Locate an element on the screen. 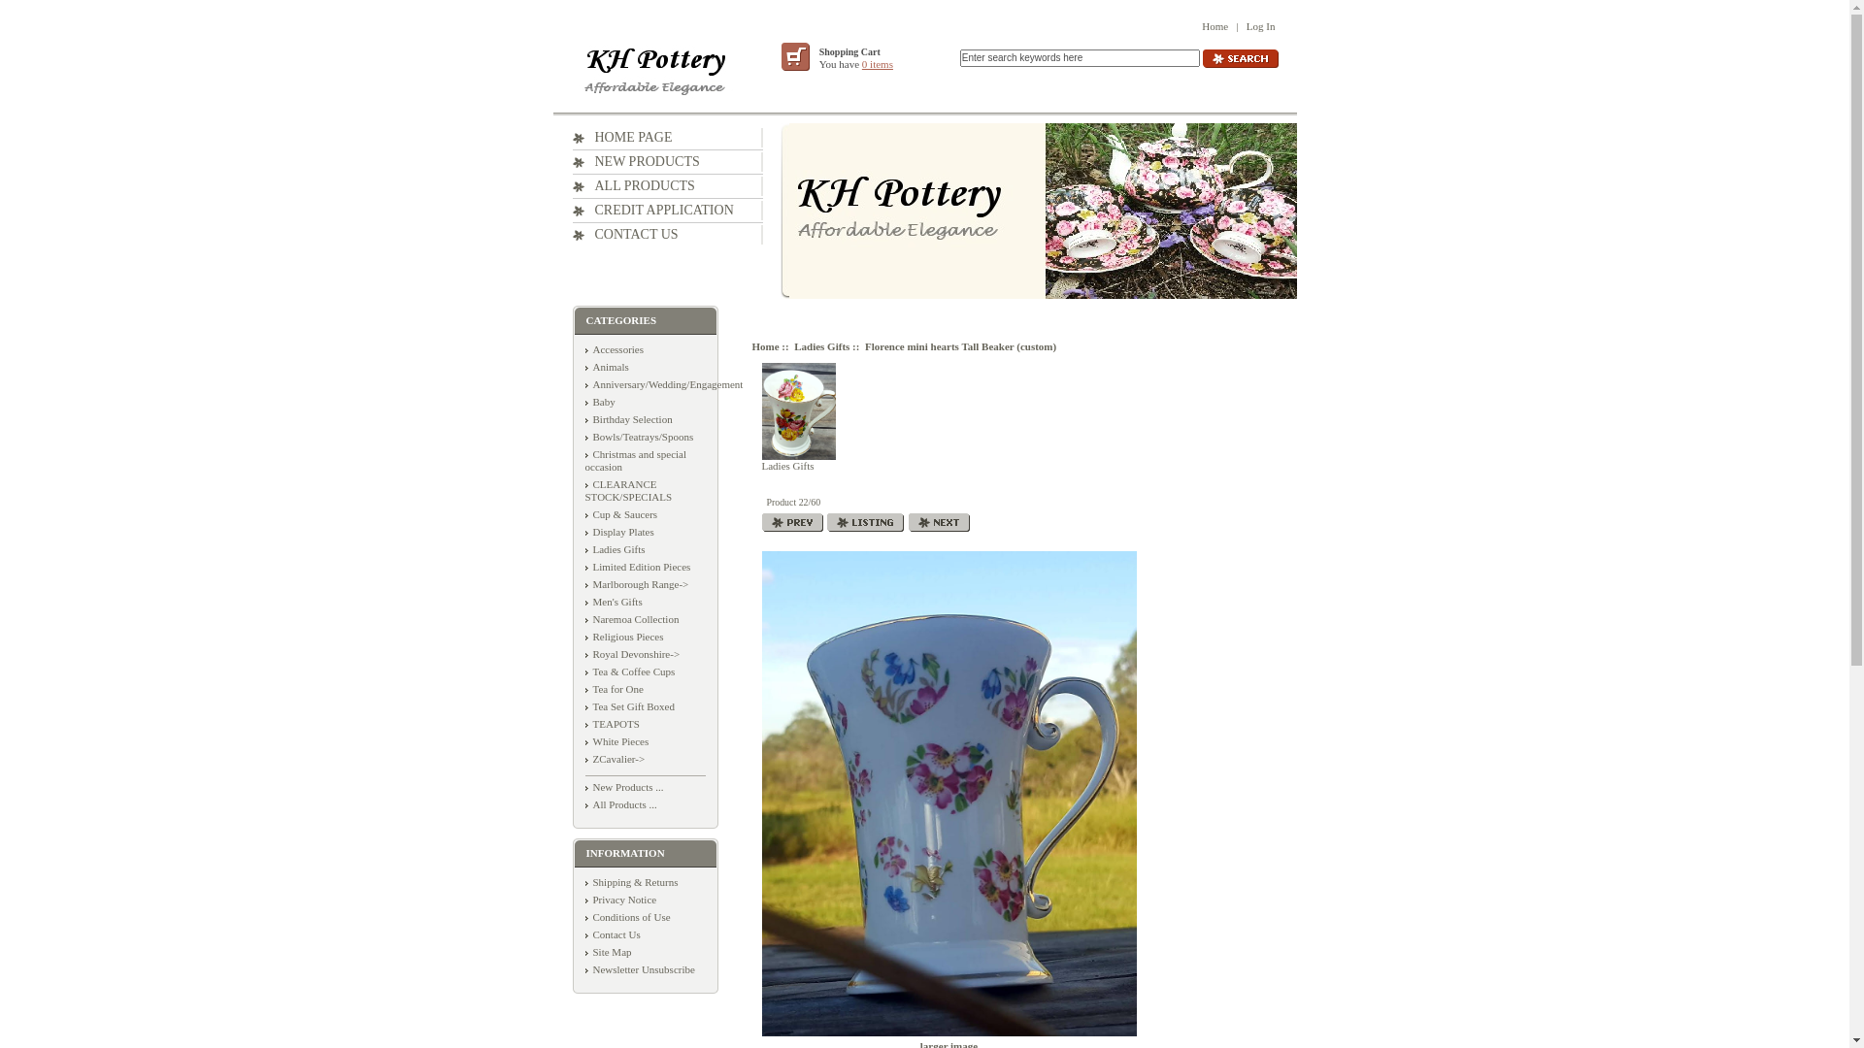 This screenshot has width=1864, height=1048. 'Accessories' is located at coordinates (582, 347).